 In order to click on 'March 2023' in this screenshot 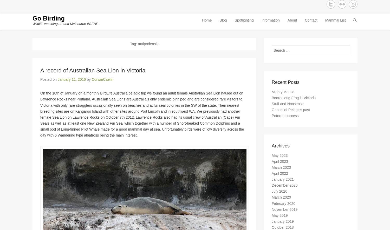, I will do `click(281, 169)`.